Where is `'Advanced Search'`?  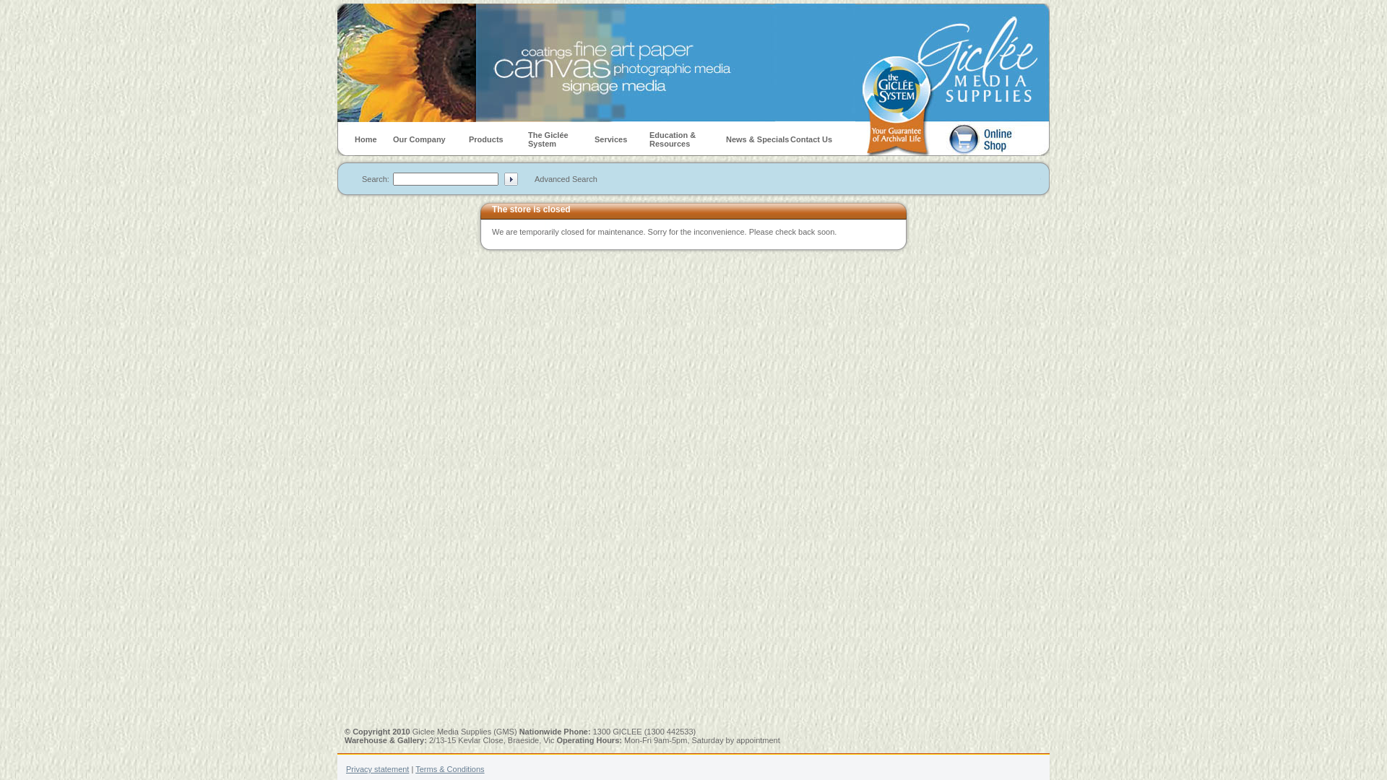 'Advanced Search' is located at coordinates (533, 178).